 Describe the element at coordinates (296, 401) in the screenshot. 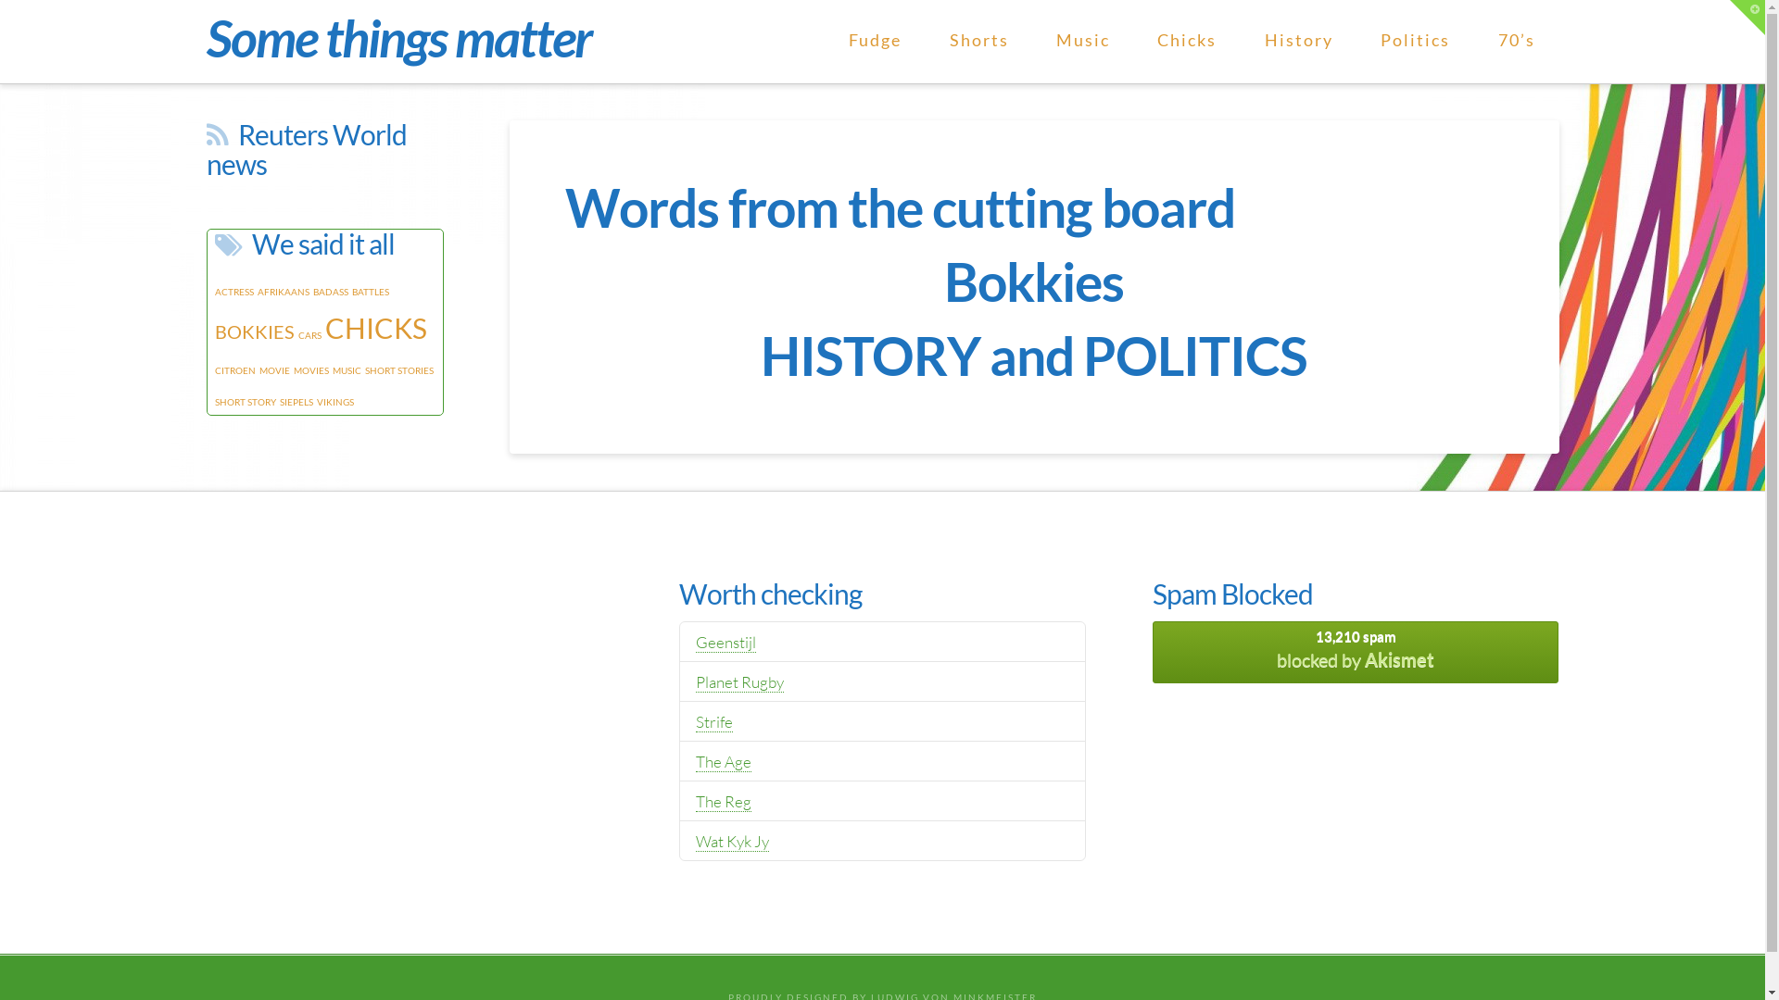

I see `'SIEPELS'` at that location.